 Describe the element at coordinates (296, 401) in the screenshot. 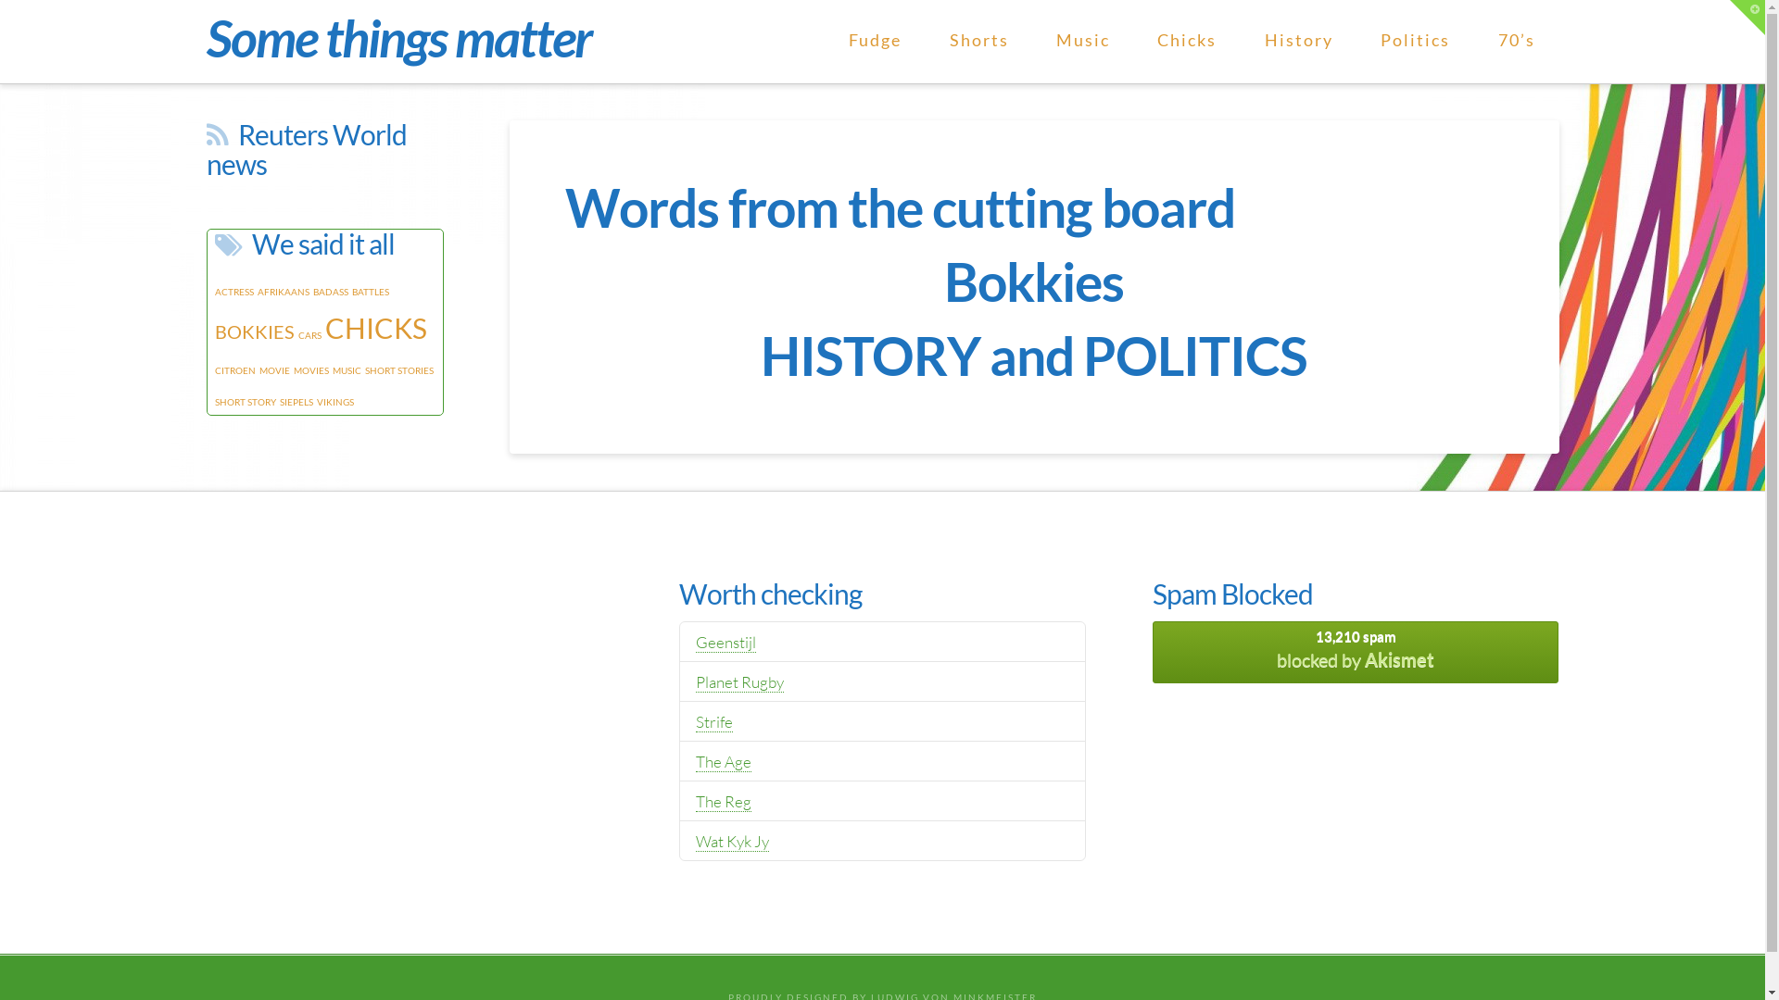

I see `'SIEPELS'` at that location.